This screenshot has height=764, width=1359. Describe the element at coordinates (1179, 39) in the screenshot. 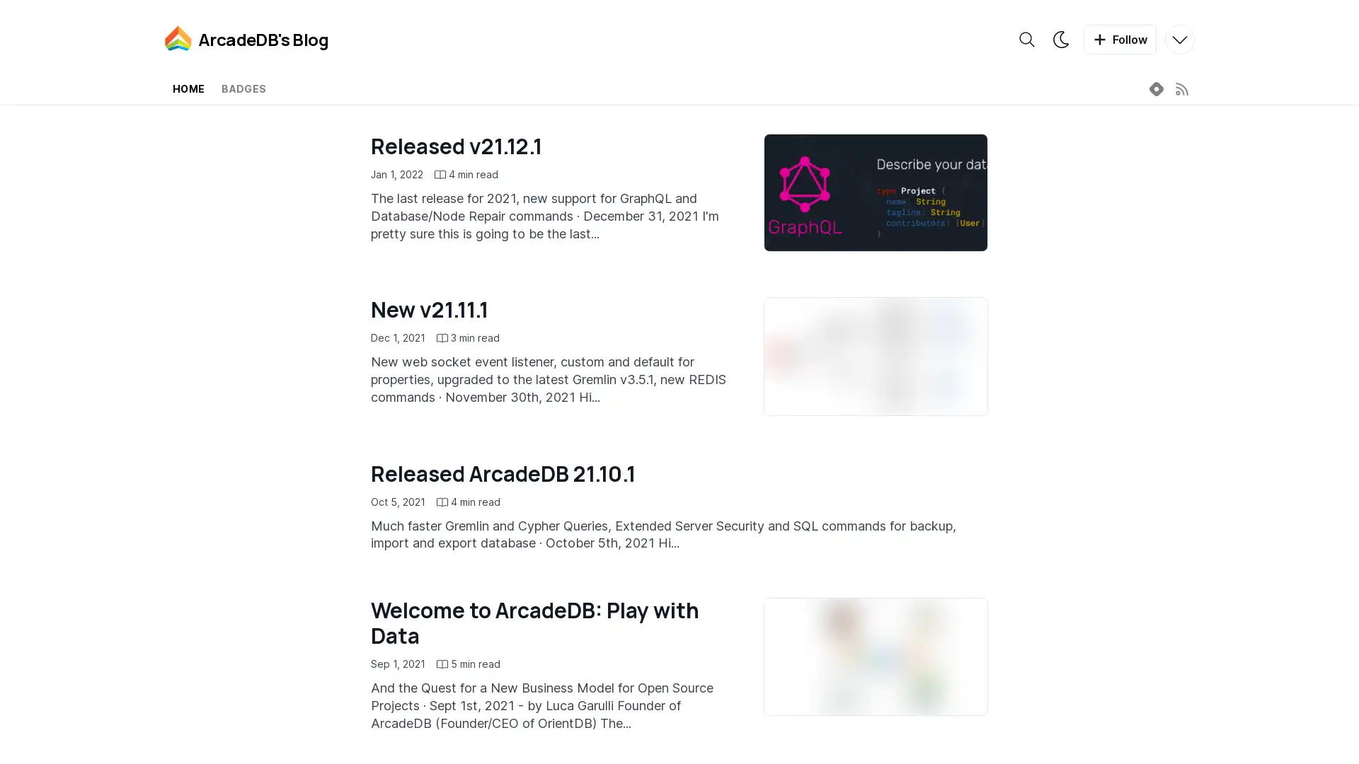

I see `More` at that location.